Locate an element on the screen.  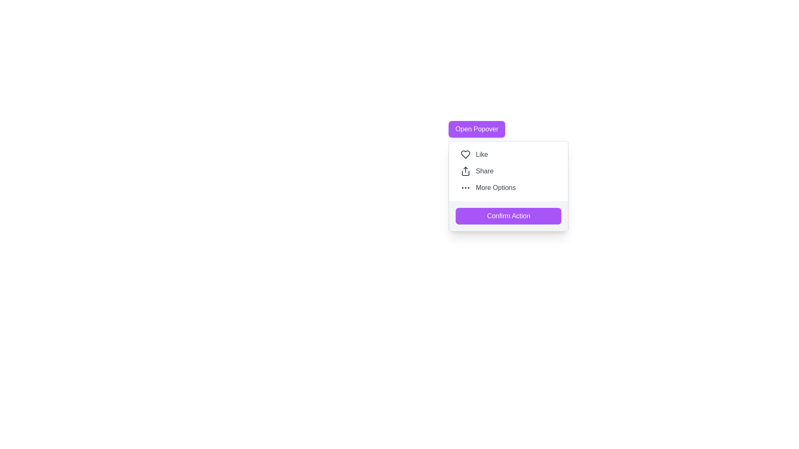
the 'More Options' button, which is the third option in the vertical menu list is located at coordinates (508, 187).